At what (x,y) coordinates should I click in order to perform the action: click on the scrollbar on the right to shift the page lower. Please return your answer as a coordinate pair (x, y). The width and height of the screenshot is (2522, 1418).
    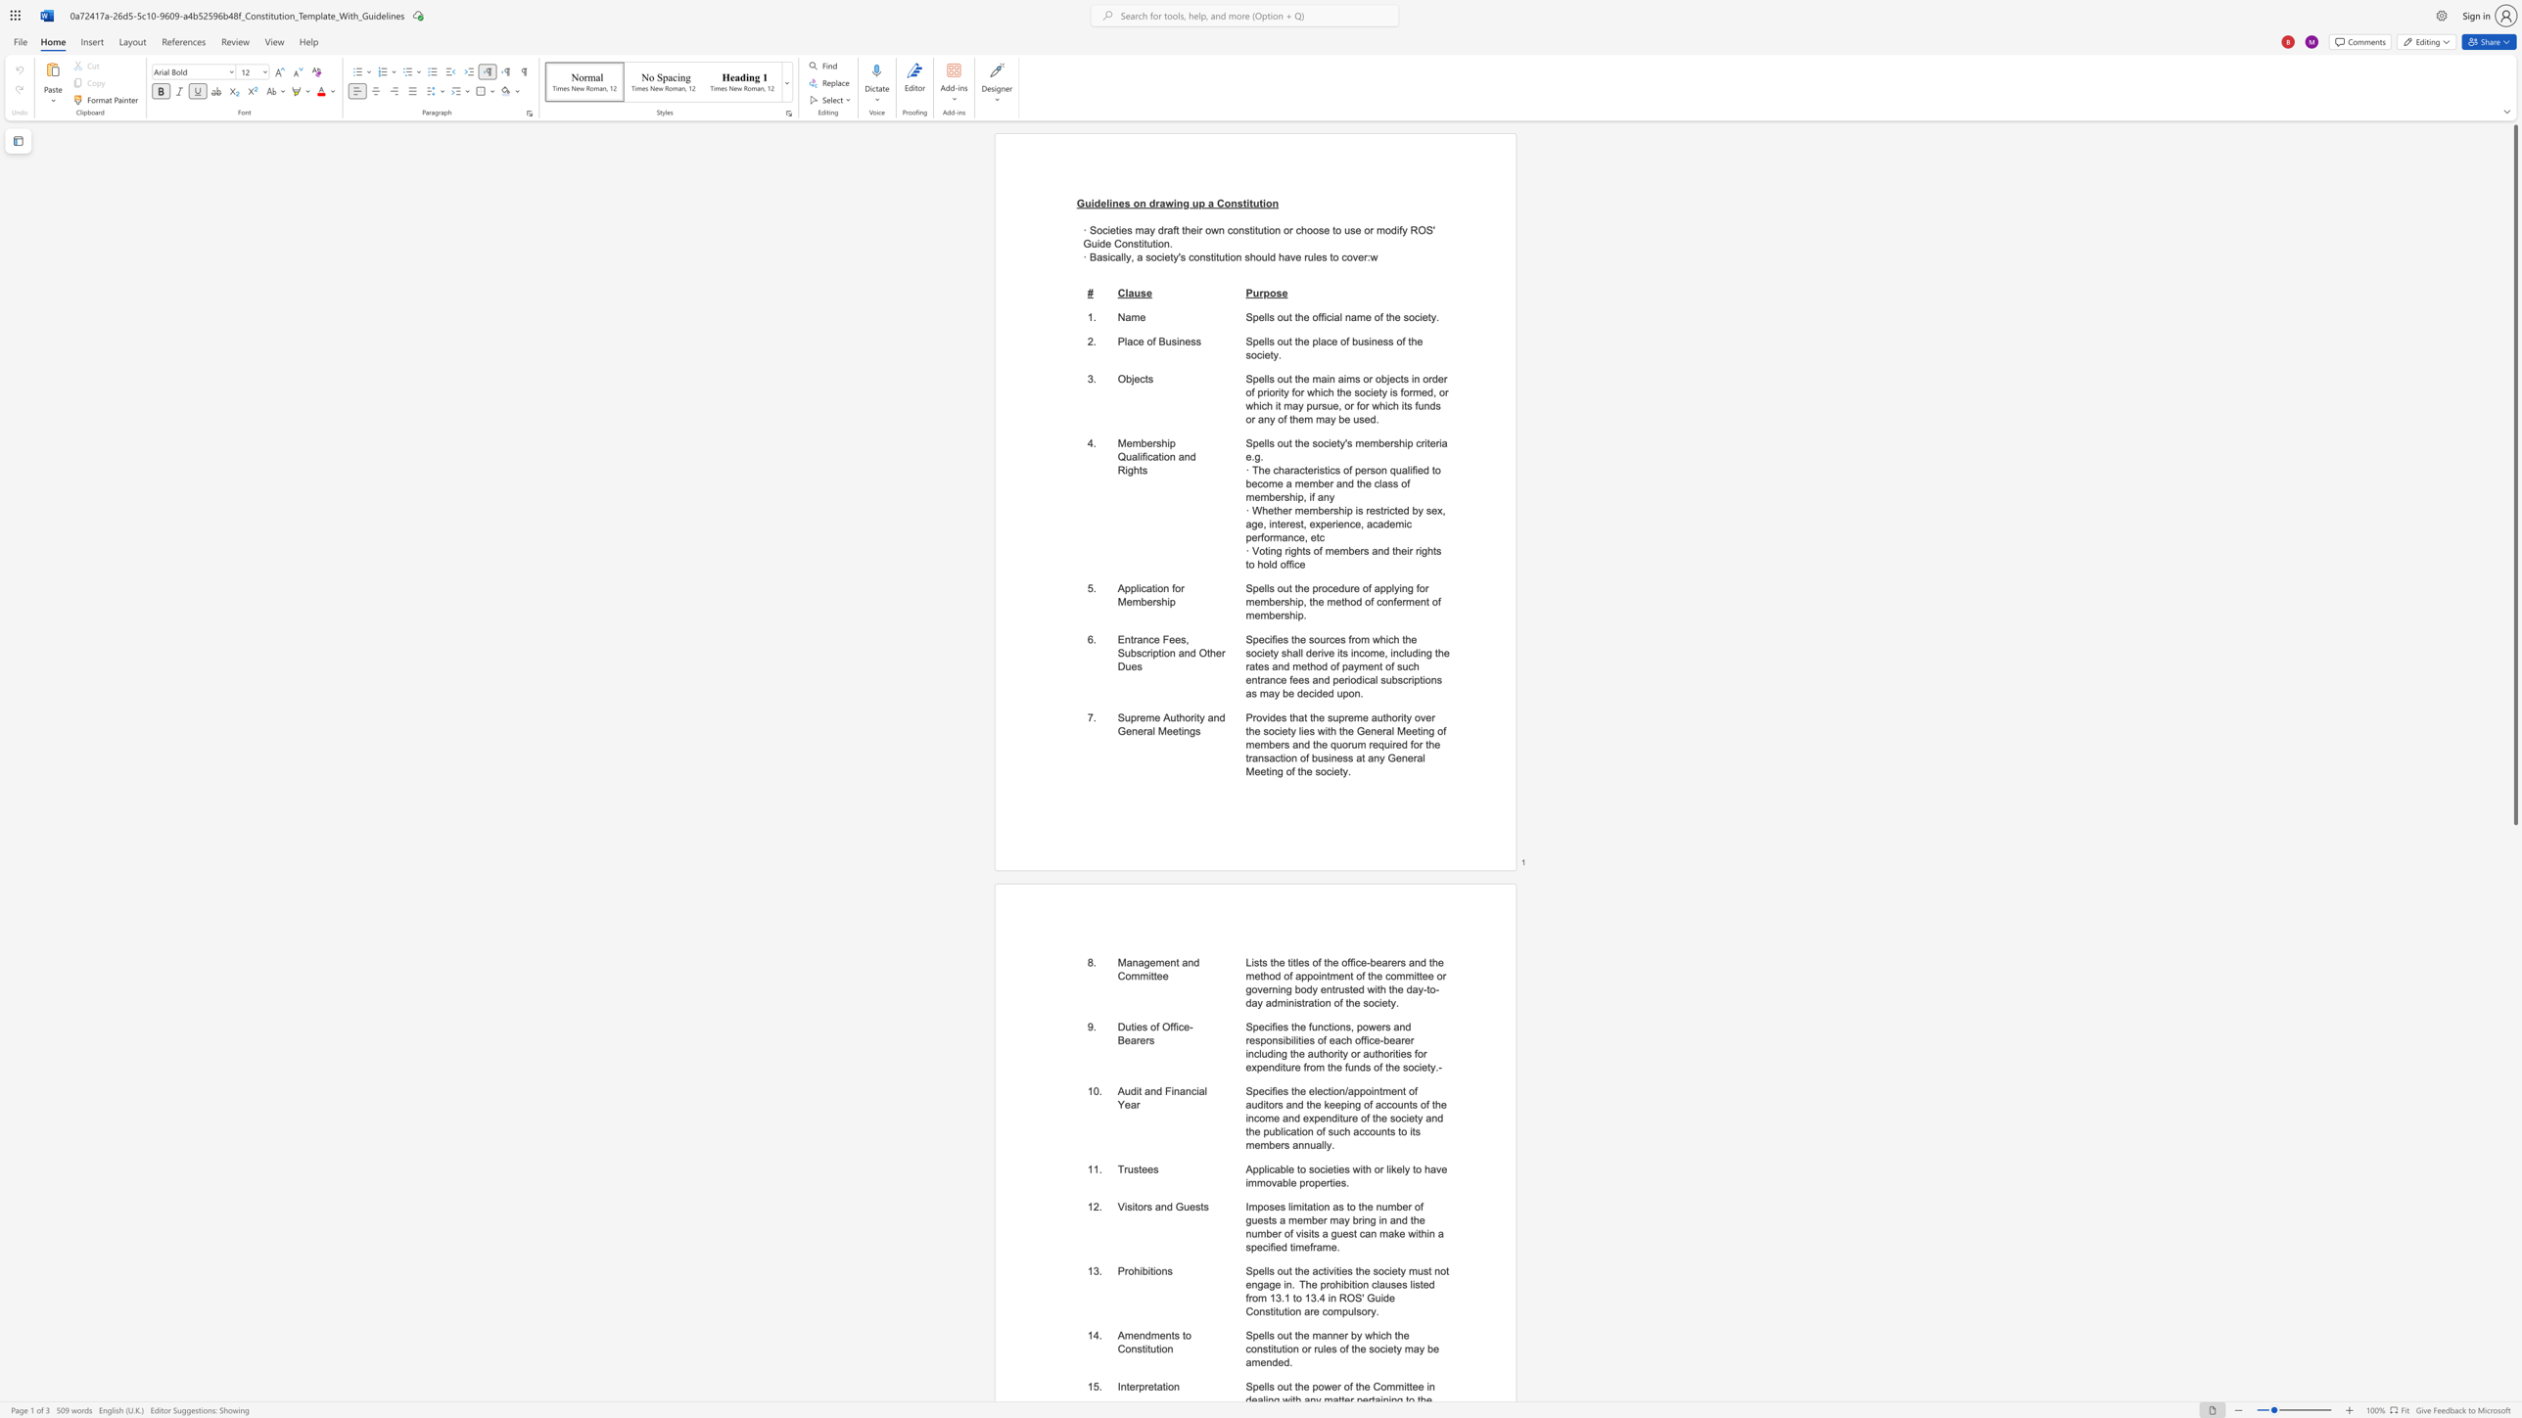
    Looking at the image, I should click on (2514, 1004).